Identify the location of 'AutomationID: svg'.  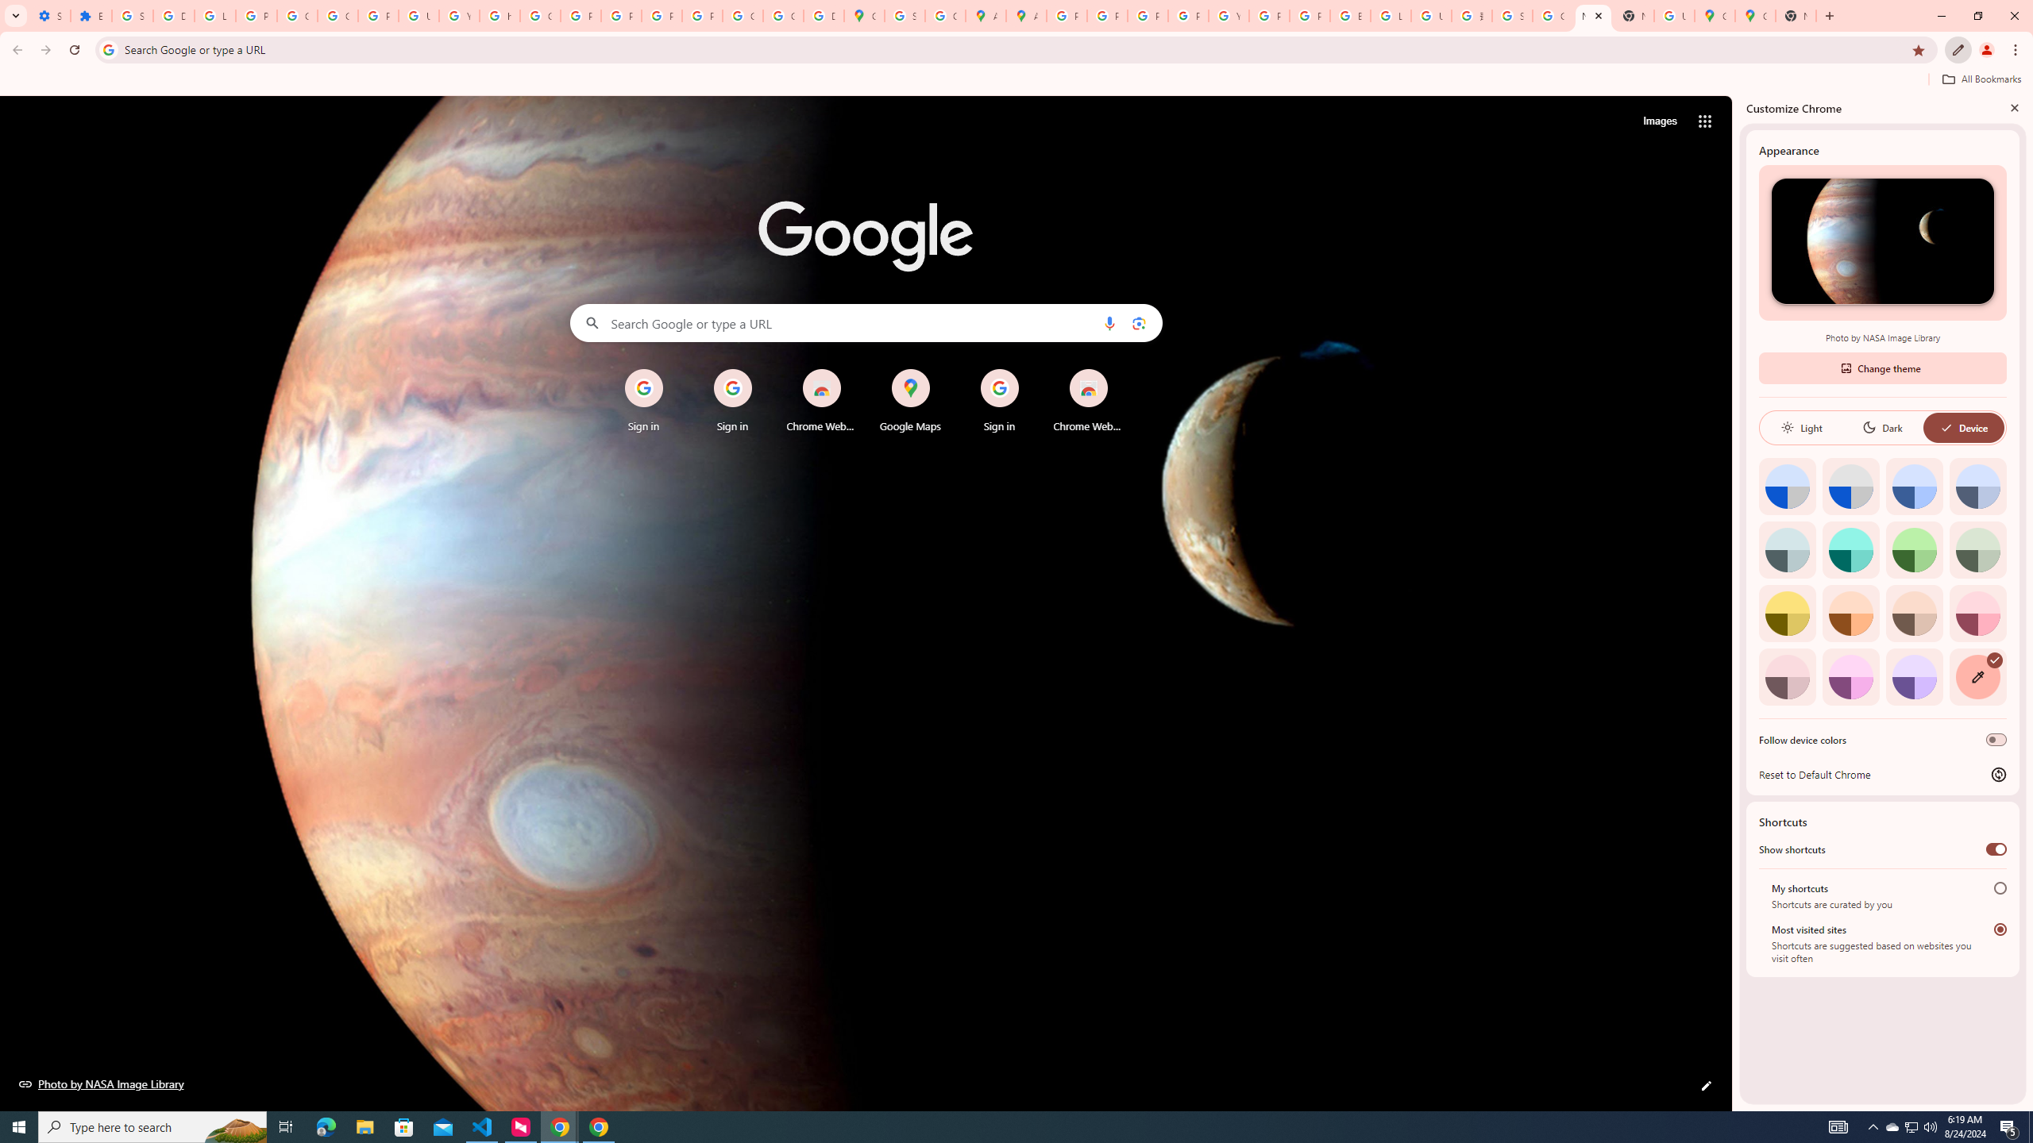
(1994, 660).